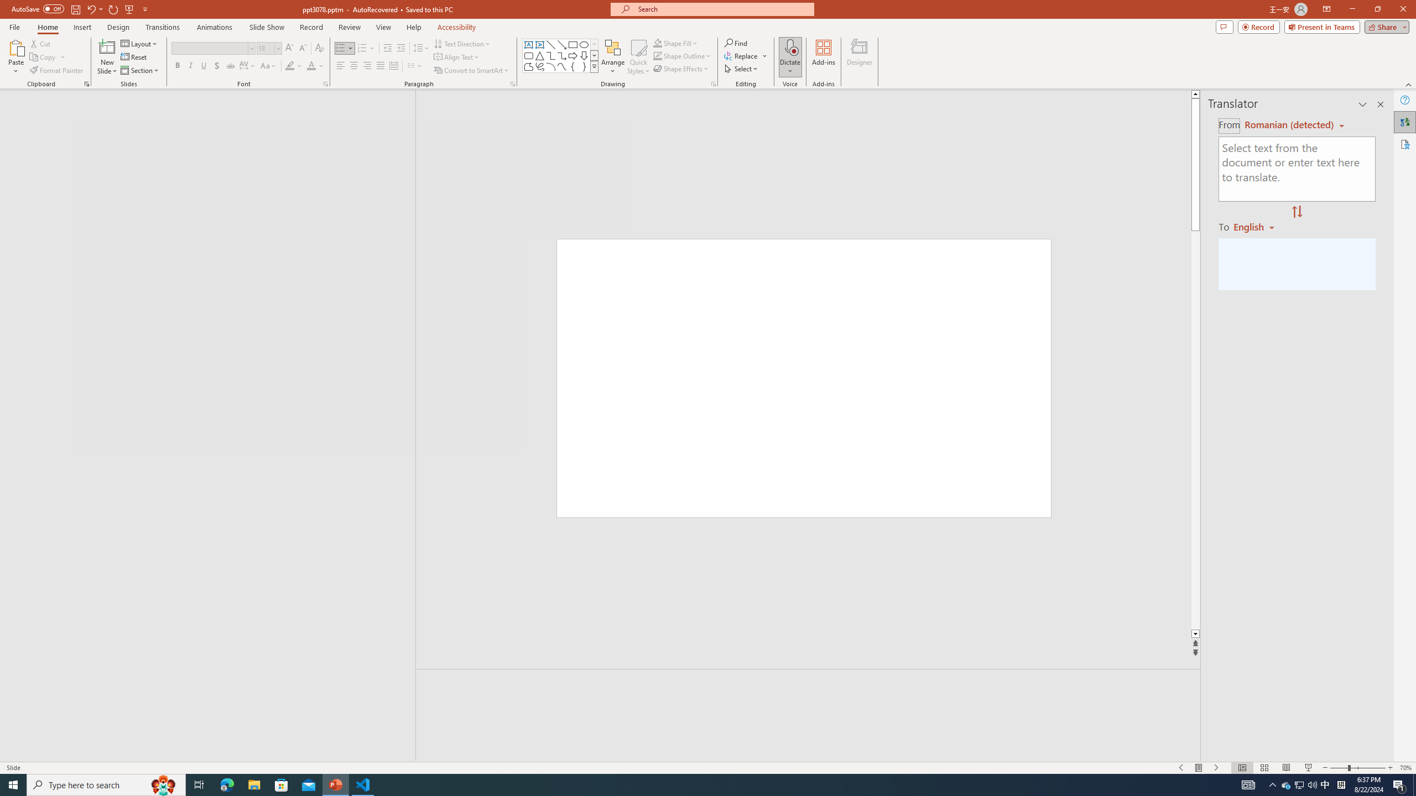 Image resolution: width=1416 pixels, height=796 pixels. What do you see at coordinates (1405, 768) in the screenshot?
I see `'Zoom 70%'` at bounding box center [1405, 768].